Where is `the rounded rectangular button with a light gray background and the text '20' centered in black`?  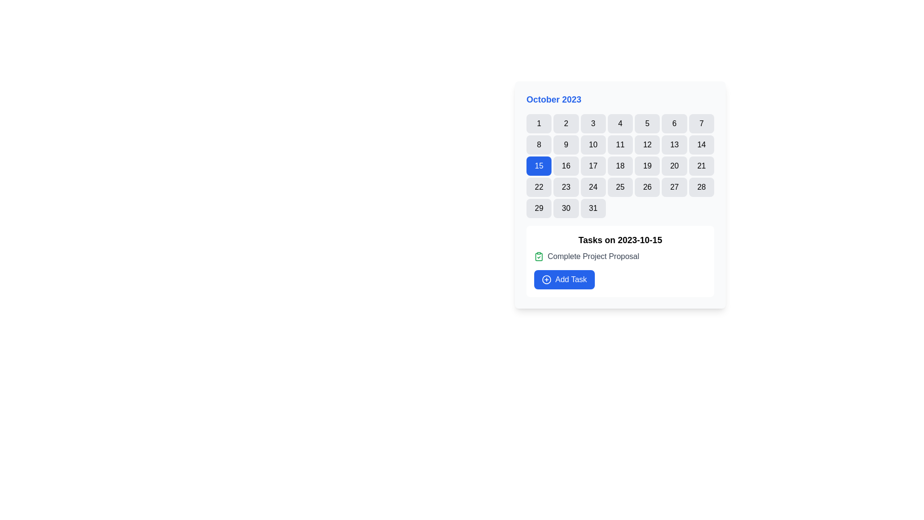
the rounded rectangular button with a light gray background and the text '20' centered in black is located at coordinates (674, 165).